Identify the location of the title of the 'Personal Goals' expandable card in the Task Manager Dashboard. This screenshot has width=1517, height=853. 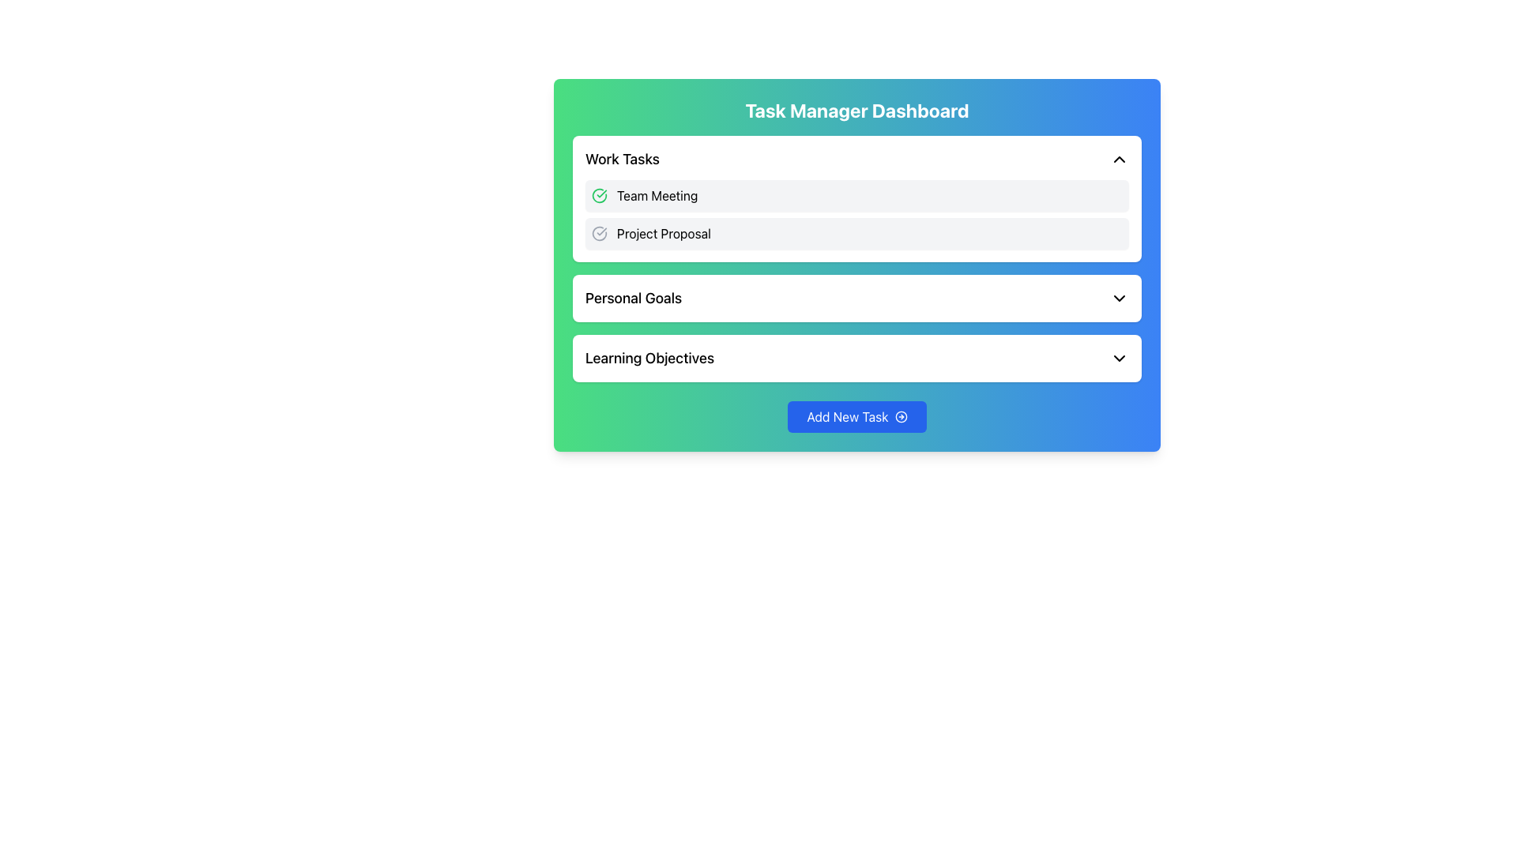
(856, 299).